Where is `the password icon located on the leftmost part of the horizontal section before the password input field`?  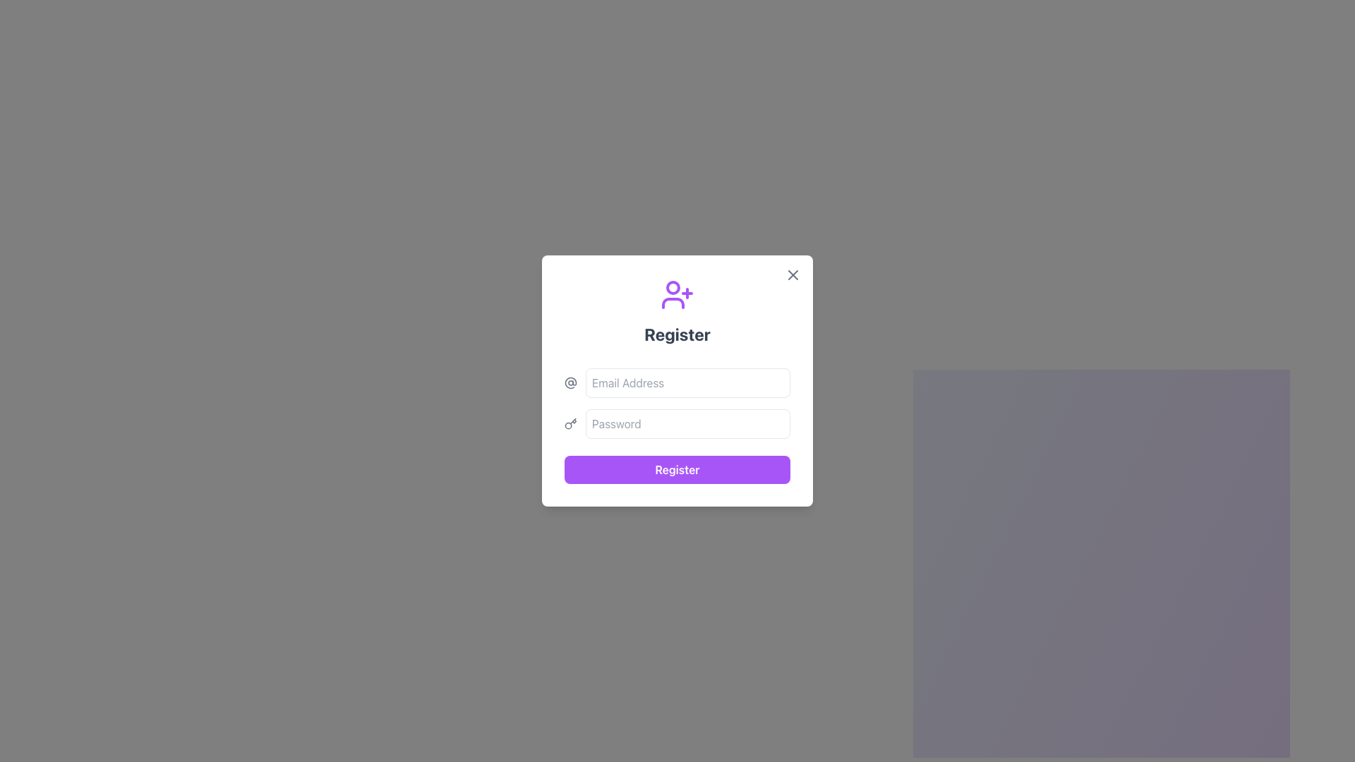 the password icon located on the leftmost part of the horizontal section before the password input field is located at coordinates (571, 423).